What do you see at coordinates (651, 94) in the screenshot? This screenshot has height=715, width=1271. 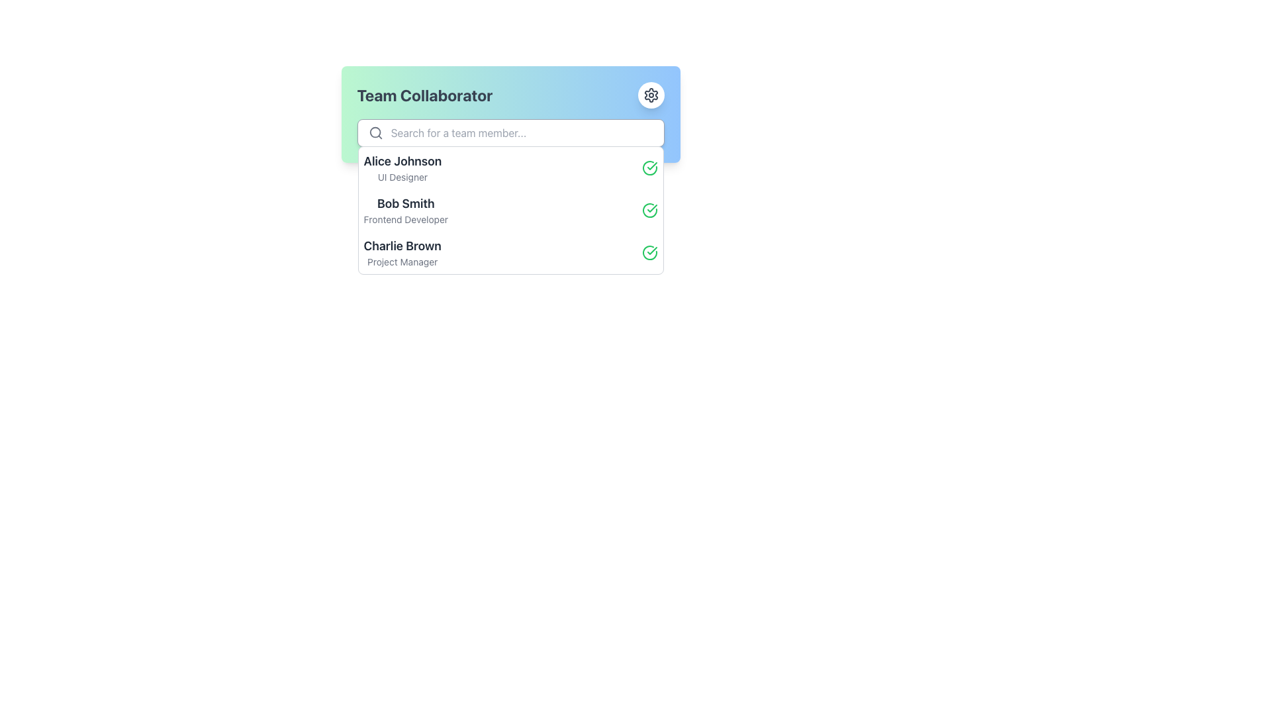 I see `the settings icon in the top-right corner of the module on the blue gradient header, which serves as the access point for the 'Team Collaborator' feature` at bounding box center [651, 94].